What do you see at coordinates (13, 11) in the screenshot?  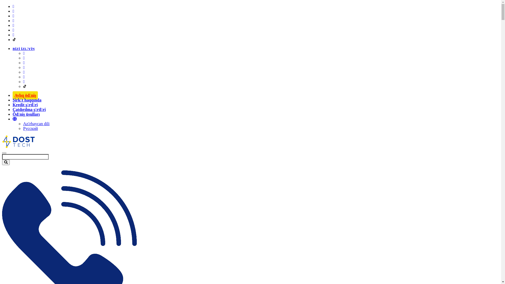 I see `'Instagram'` at bounding box center [13, 11].